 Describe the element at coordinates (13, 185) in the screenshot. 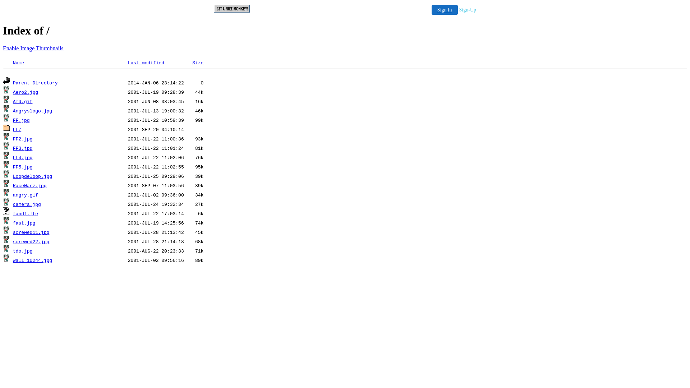

I see `'RaceWarz.jpg'` at that location.